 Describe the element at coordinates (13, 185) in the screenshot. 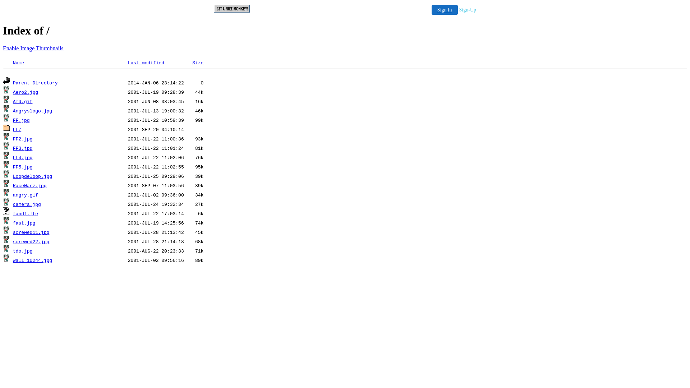

I see `'RaceWarz.jpg'` at that location.